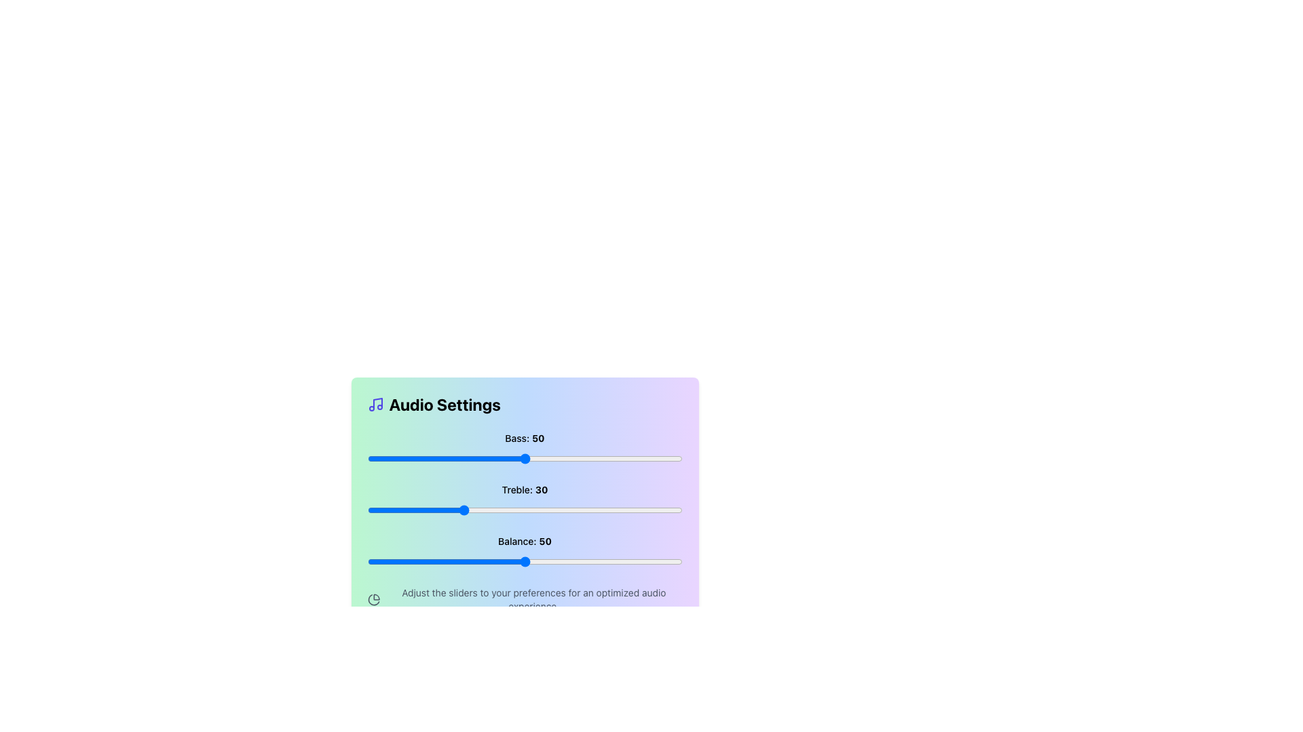 This screenshot has width=1303, height=732. I want to click on the Text Label (Heading) that indicates the audio settings section, located at the top-left corner of the settings card, next to a musical note icon, so click(445, 404).